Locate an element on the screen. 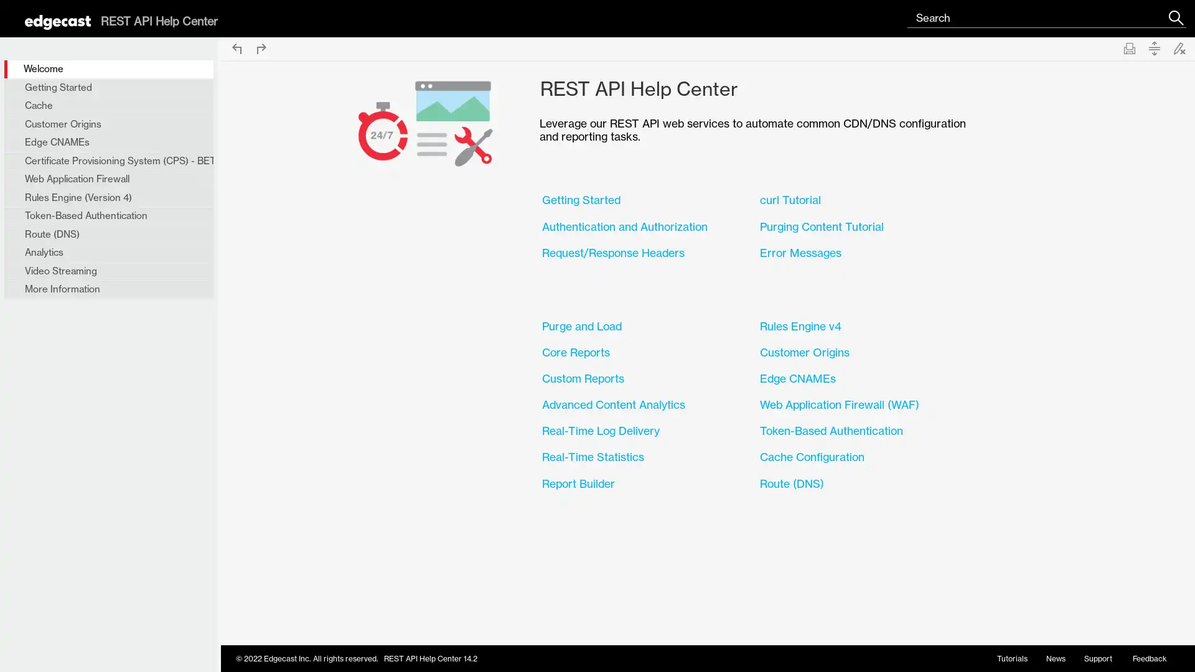 The image size is (1195, 672). remove highlight is located at coordinates (1179, 47).